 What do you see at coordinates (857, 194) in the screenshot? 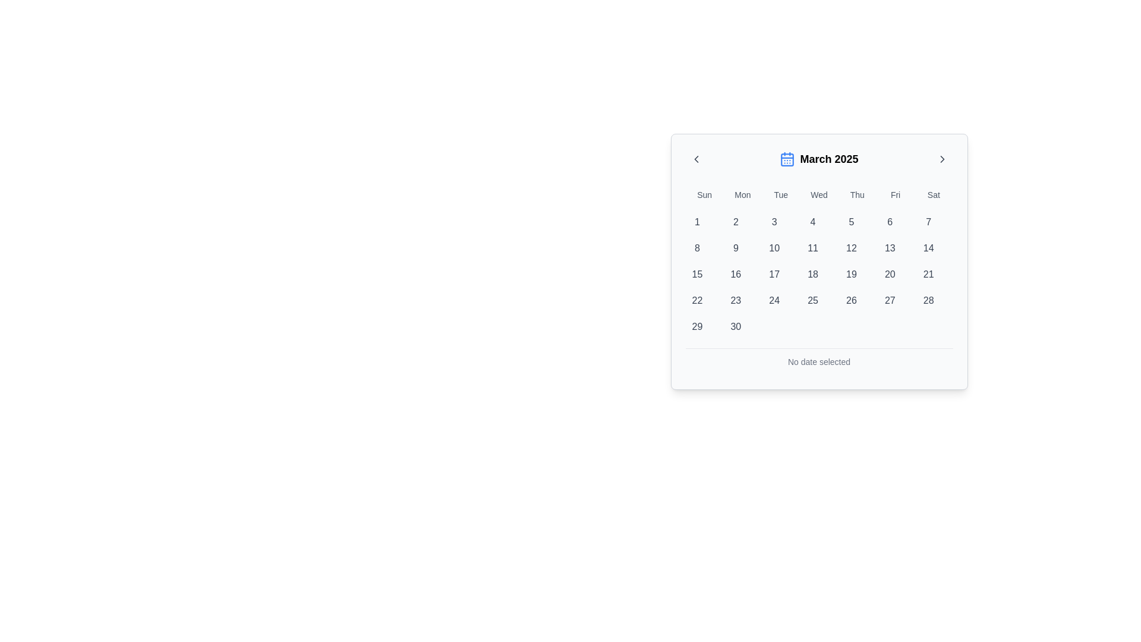
I see `the static text label displaying 'Thu' in the calendar interface, which is styled with a medium-sized font and gray text color, located in the fifth position of the day-of-week labels` at bounding box center [857, 194].